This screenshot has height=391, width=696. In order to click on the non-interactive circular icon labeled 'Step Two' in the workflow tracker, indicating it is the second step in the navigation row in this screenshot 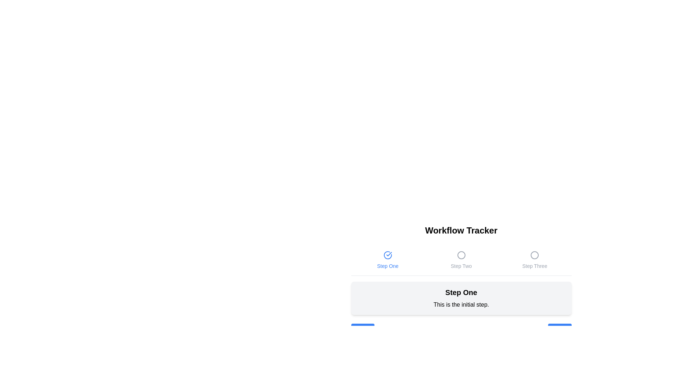, I will do `click(461, 265)`.